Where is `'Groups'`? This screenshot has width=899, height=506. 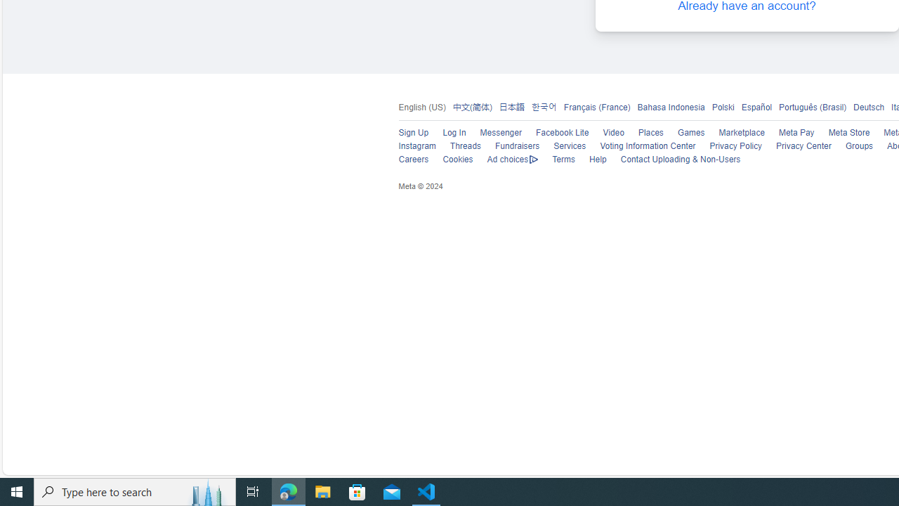
'Groups' is located at coordinates (858, 146).